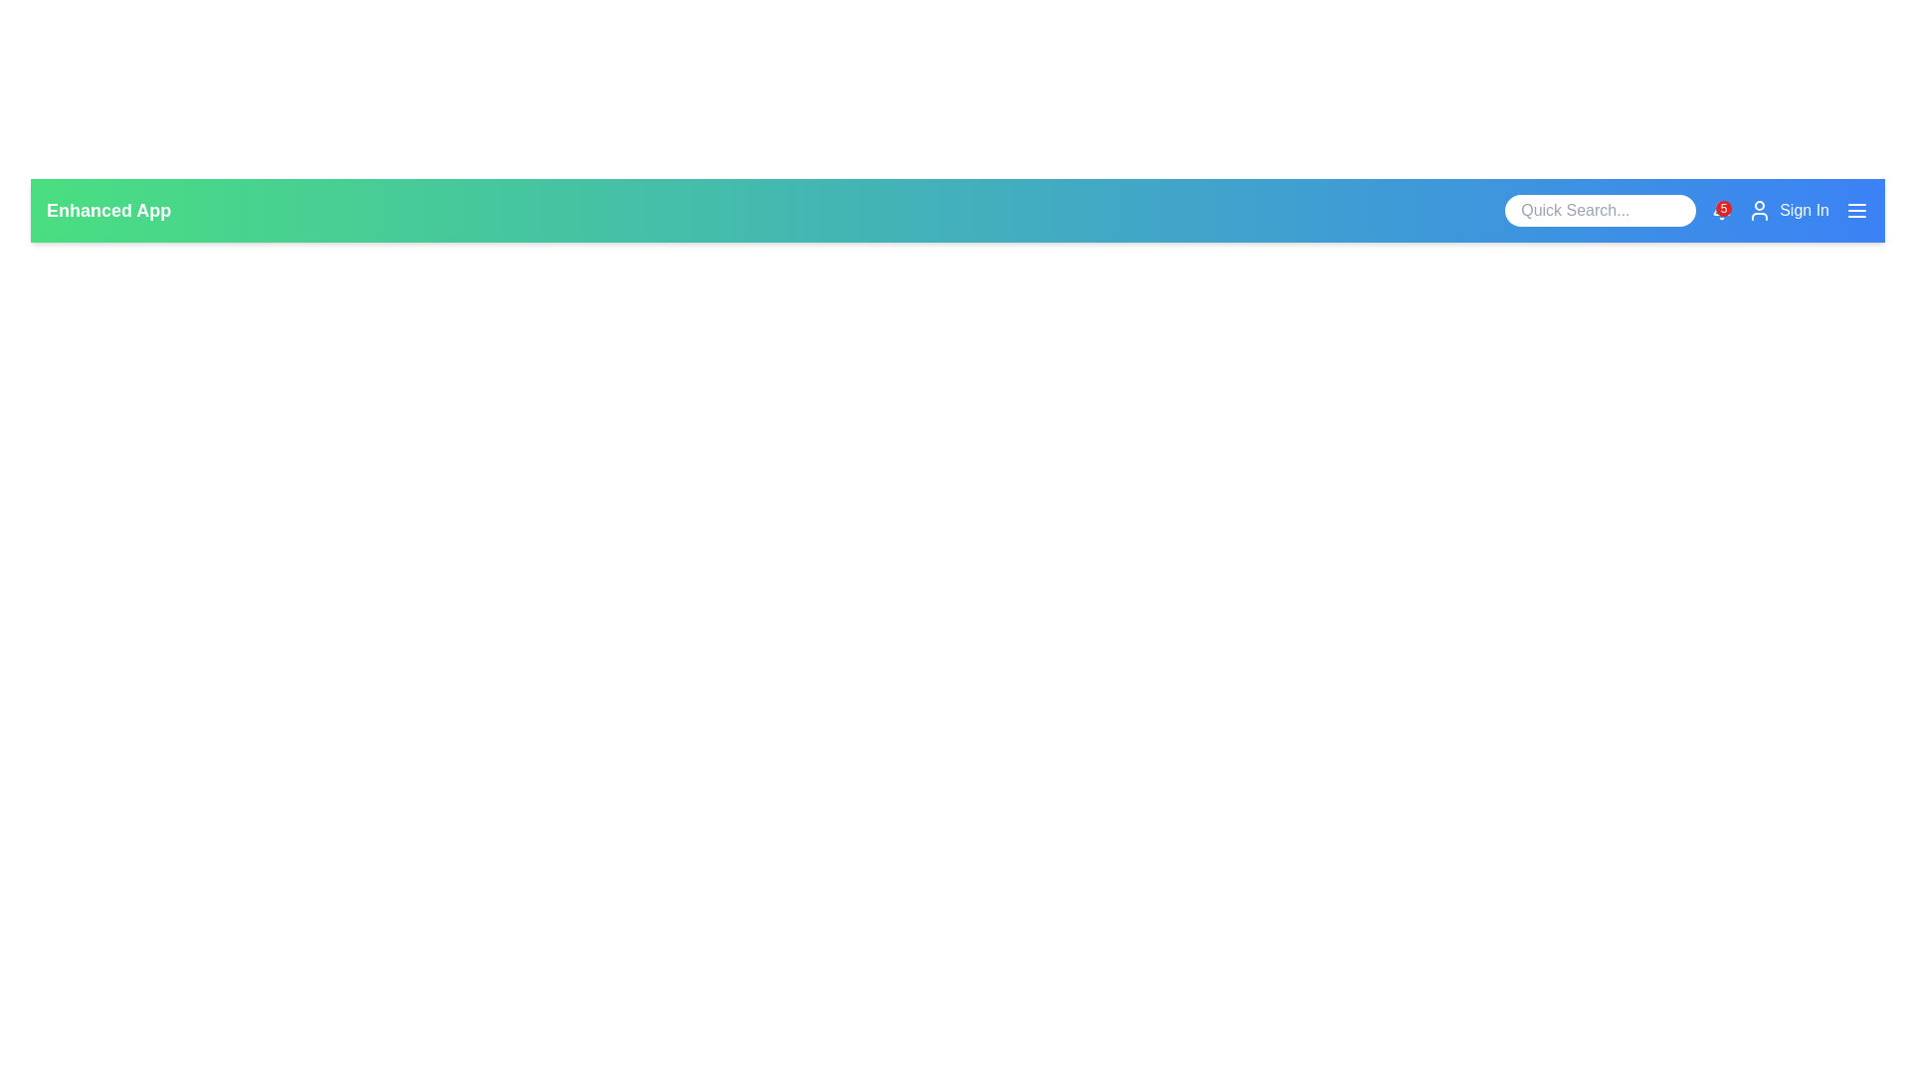  What do you see at coordinates (1600, 211) in the screenshot?
I see `the search input field to focus it` at bounding box center [1600, 211].